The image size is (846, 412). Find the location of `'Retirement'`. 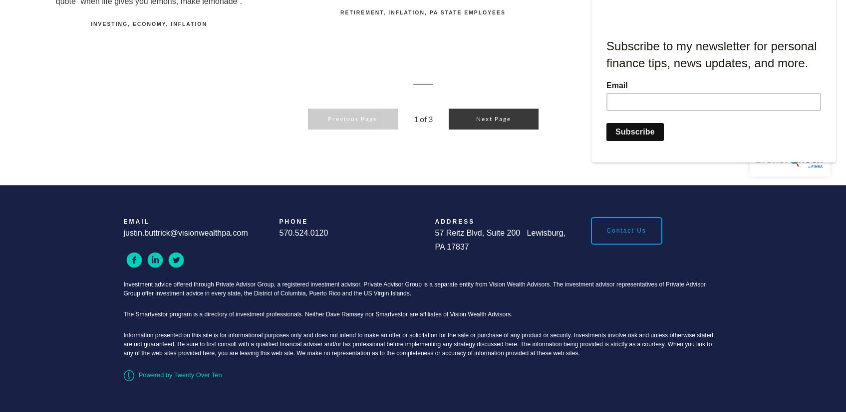

'Retirement' is located at coordinates (340, 12).